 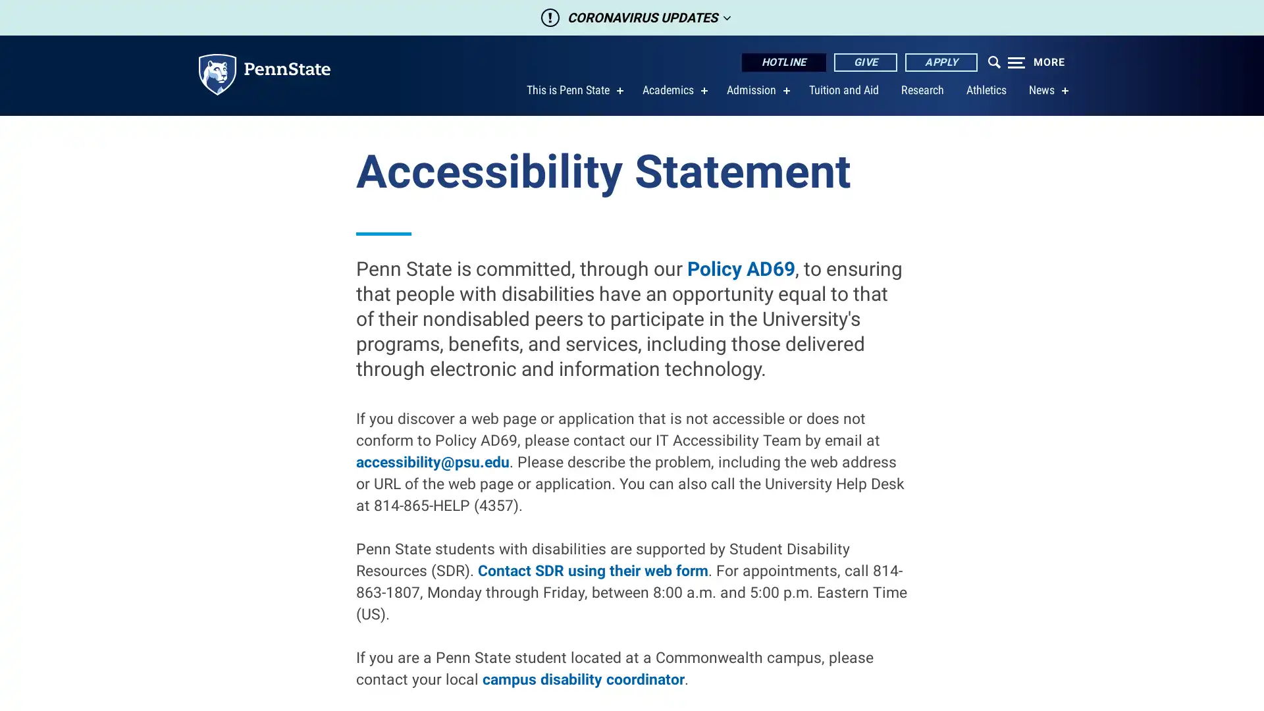 What do you see at coordinates (1036, 62) in the screenshot?
I see `Expand navigation menu` at bounding box center [1036, 62].